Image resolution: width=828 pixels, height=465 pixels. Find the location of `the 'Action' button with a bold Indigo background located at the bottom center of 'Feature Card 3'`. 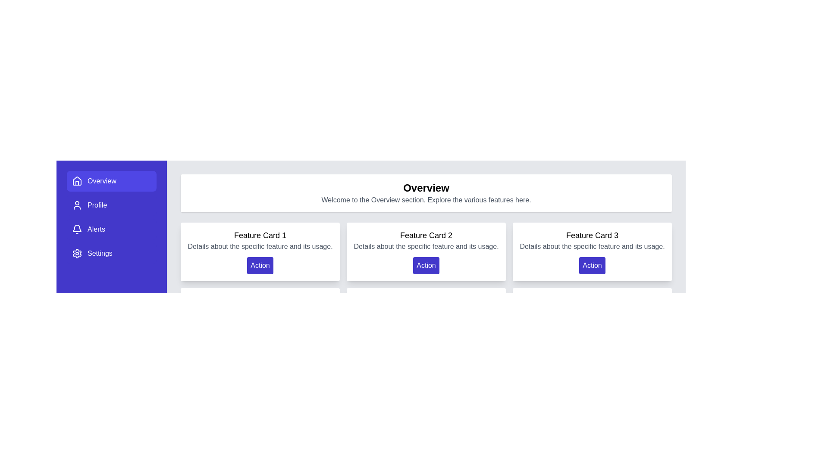

the 'Action' button with a bold Indigo background located at the bottom center of 'Feature Card 3' is located at coordinates (592, 265).